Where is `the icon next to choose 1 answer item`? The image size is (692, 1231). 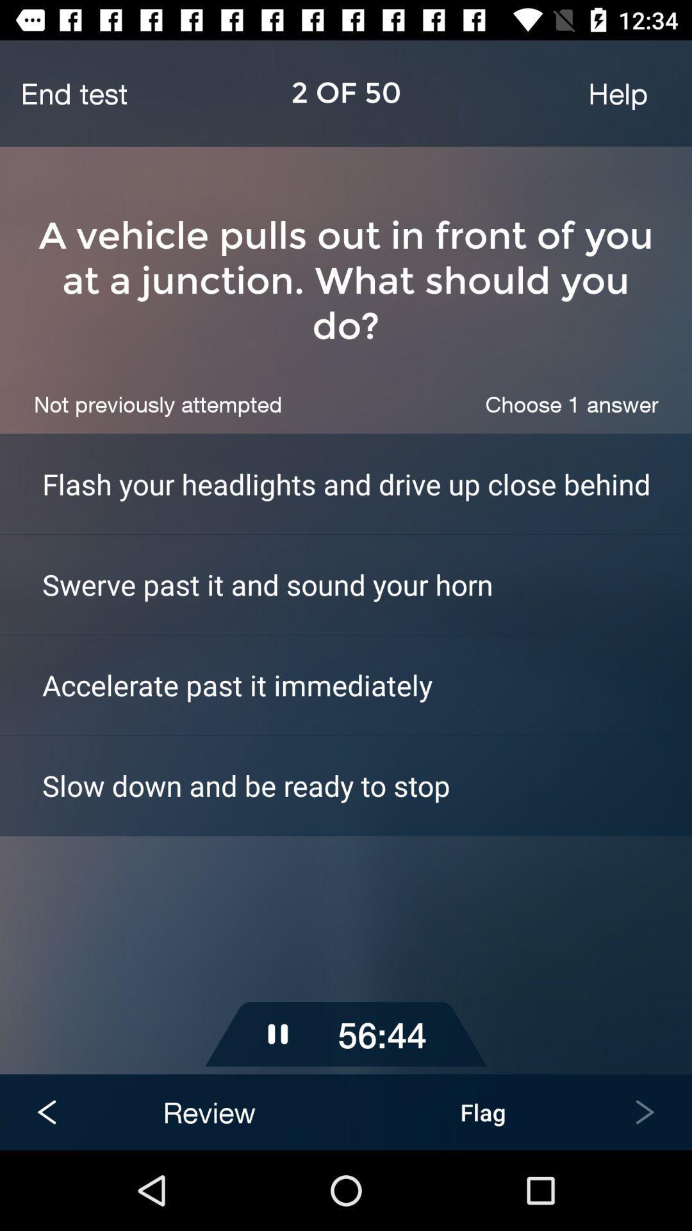
the icon next to choose 1 answer item is located at coordinates (157, 403).